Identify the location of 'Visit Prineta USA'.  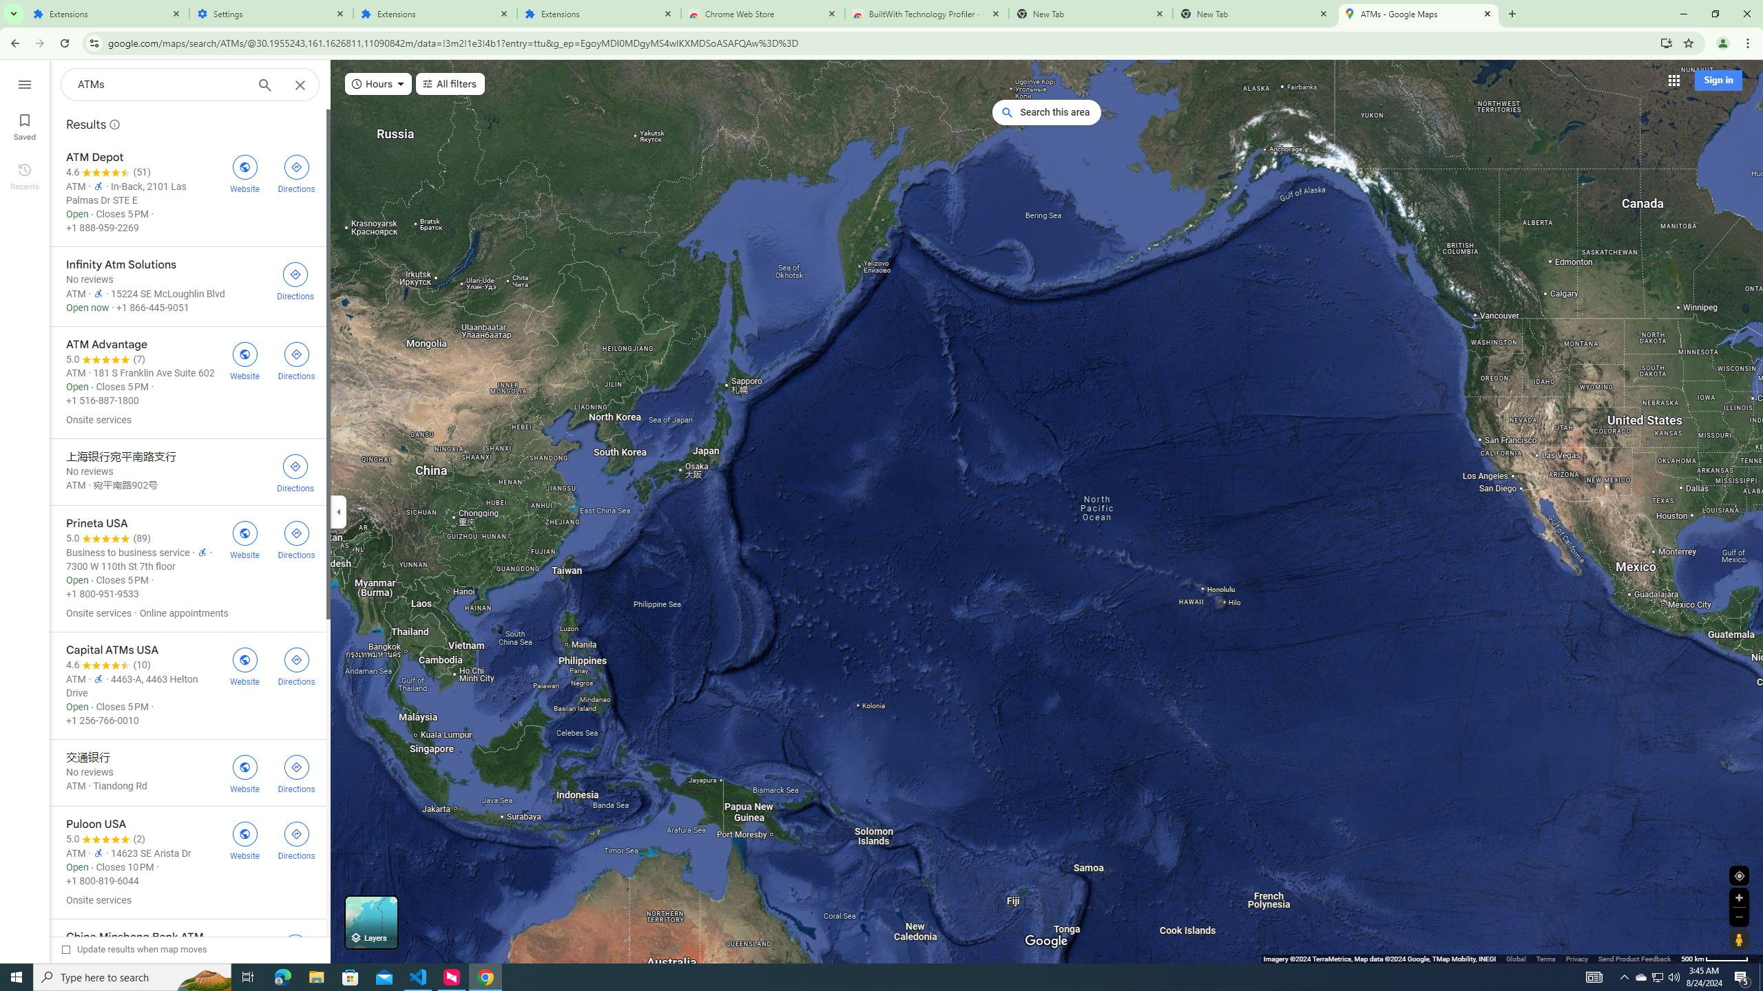
(244, 538).